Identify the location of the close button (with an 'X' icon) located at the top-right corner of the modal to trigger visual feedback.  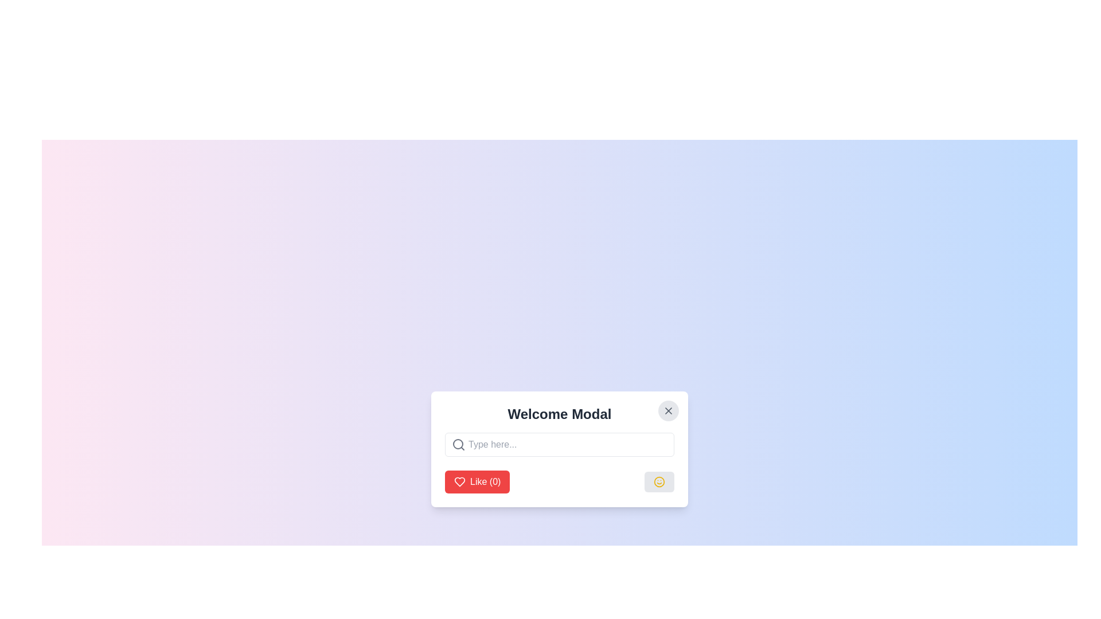
(669, 410).